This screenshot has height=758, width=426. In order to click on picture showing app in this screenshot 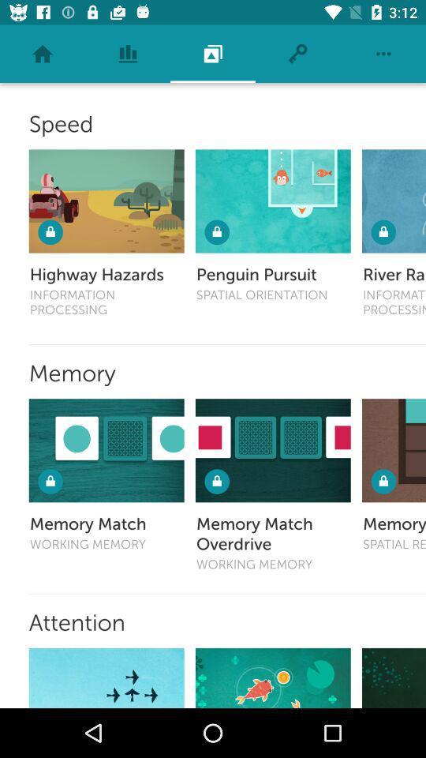, I will do `click(272, 450)`.